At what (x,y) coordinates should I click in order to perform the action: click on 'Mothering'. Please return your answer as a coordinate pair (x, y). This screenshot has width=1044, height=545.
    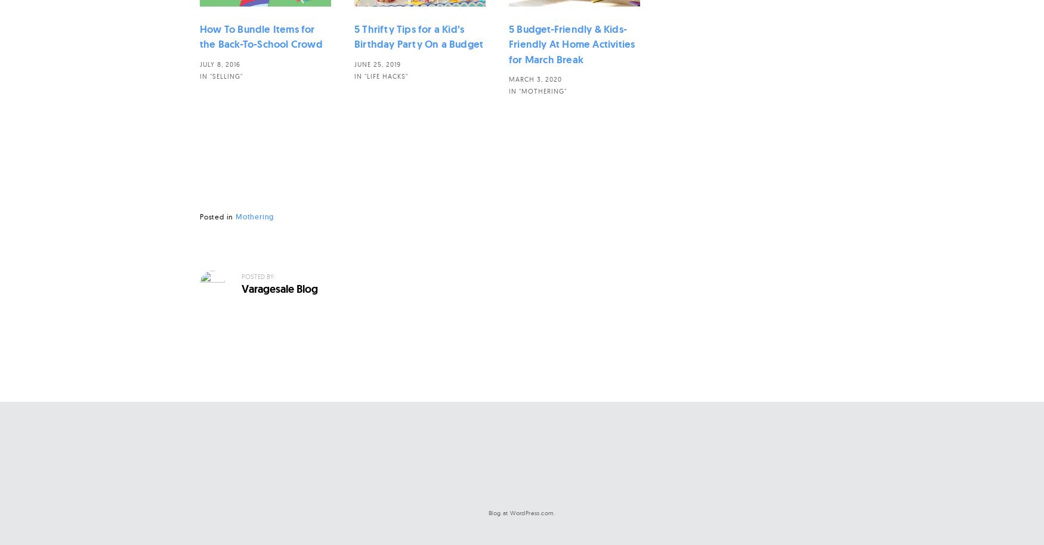
    Looking at the image, I should click on (254, 216).